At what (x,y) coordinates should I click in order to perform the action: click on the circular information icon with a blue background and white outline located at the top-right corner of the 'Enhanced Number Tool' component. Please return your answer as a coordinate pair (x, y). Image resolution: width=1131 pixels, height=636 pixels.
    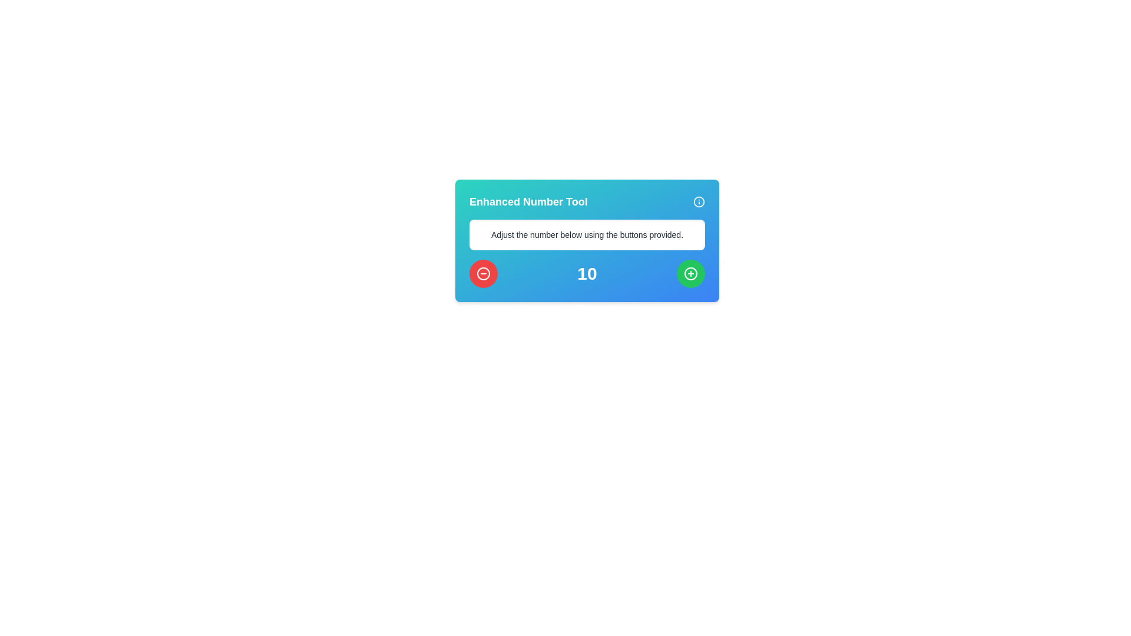
    Looking at the image, I should click on (699, 201).